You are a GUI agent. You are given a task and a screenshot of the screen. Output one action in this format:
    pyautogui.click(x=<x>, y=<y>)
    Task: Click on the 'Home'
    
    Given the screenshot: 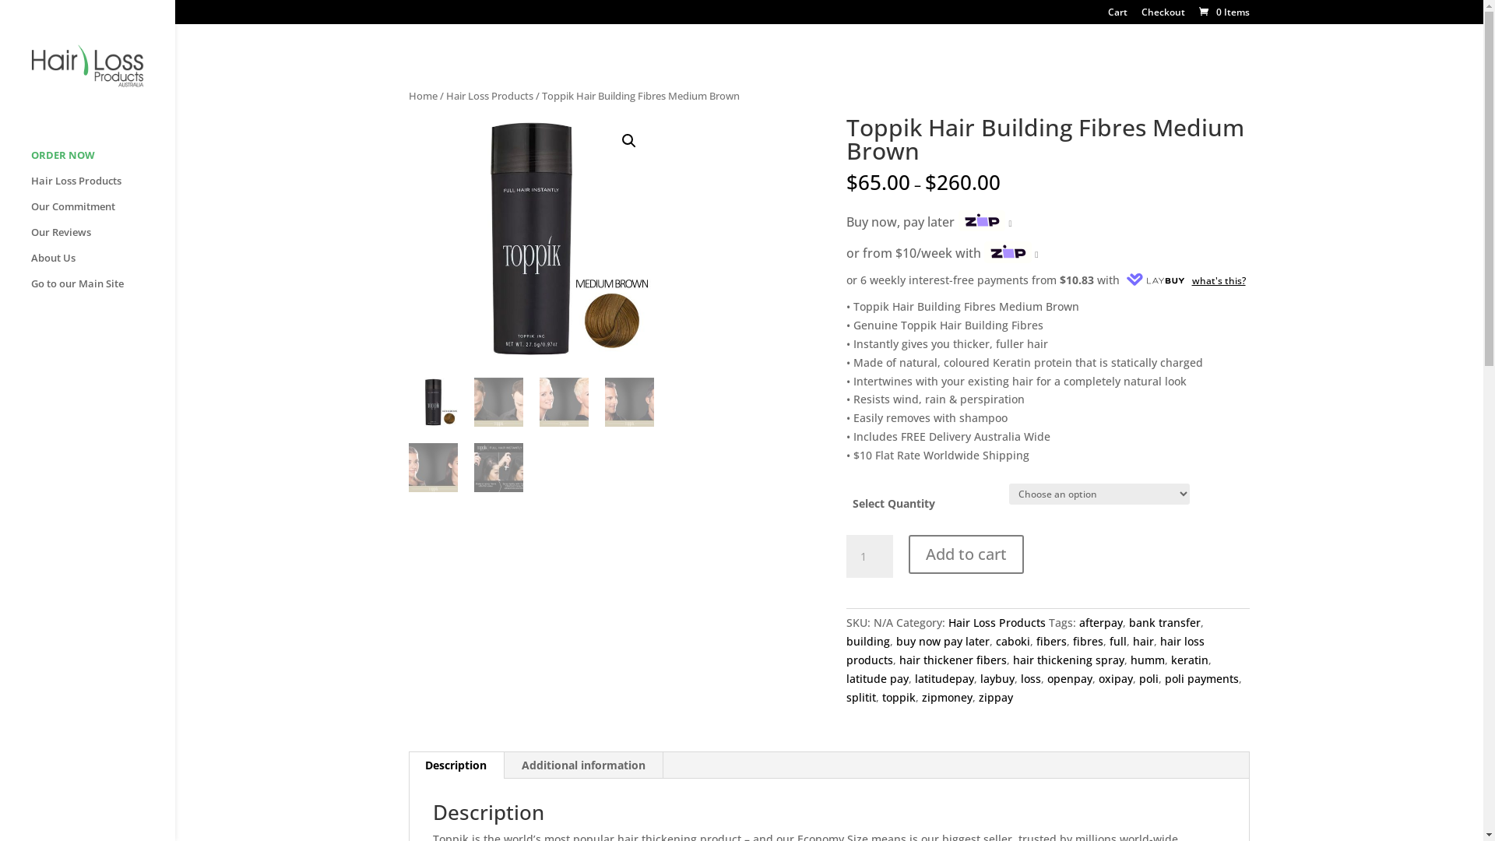 What is the action you would take?
    pyautogui.click(x=423, y=96)
    